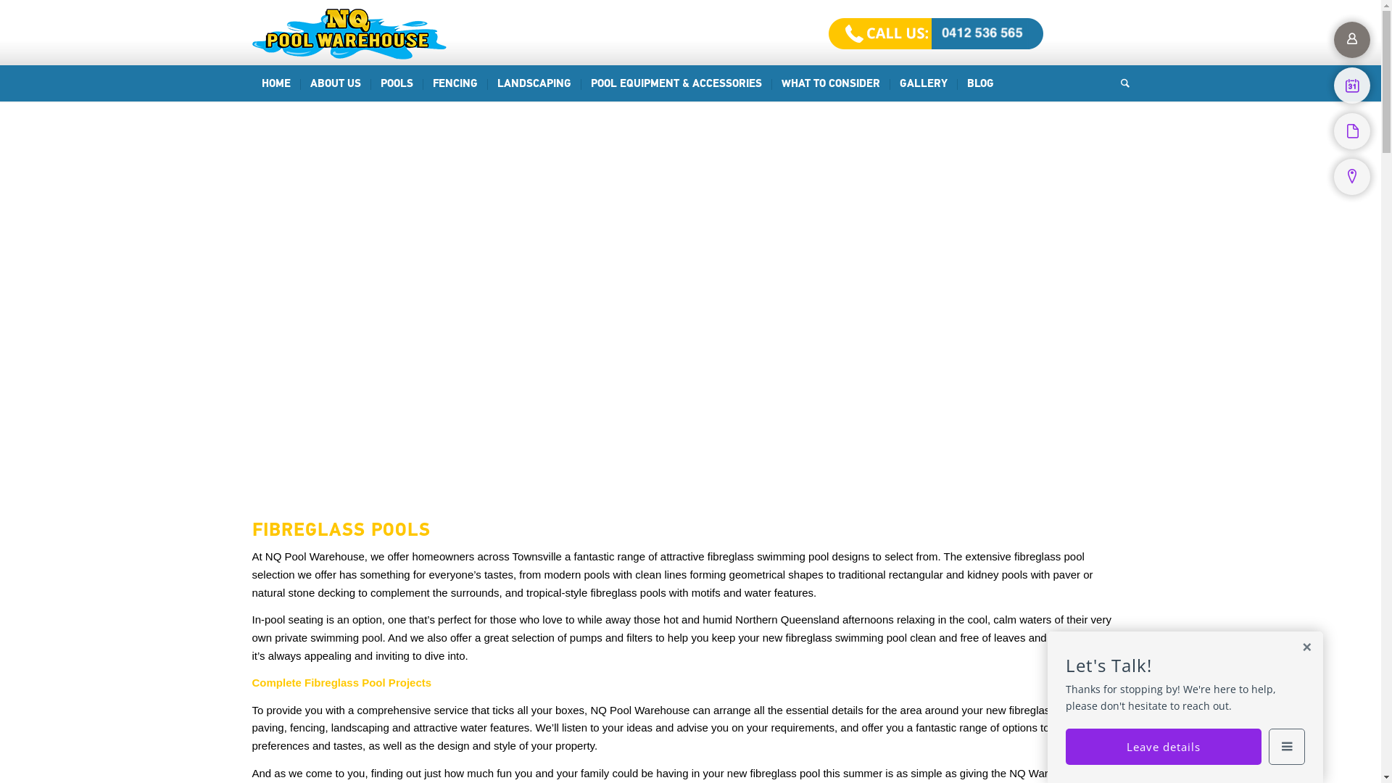 This screenshot has height=783, width=1392. I want to click on 'POOL EQUIPMENT & ACCESSORIES', so click(674, 83).